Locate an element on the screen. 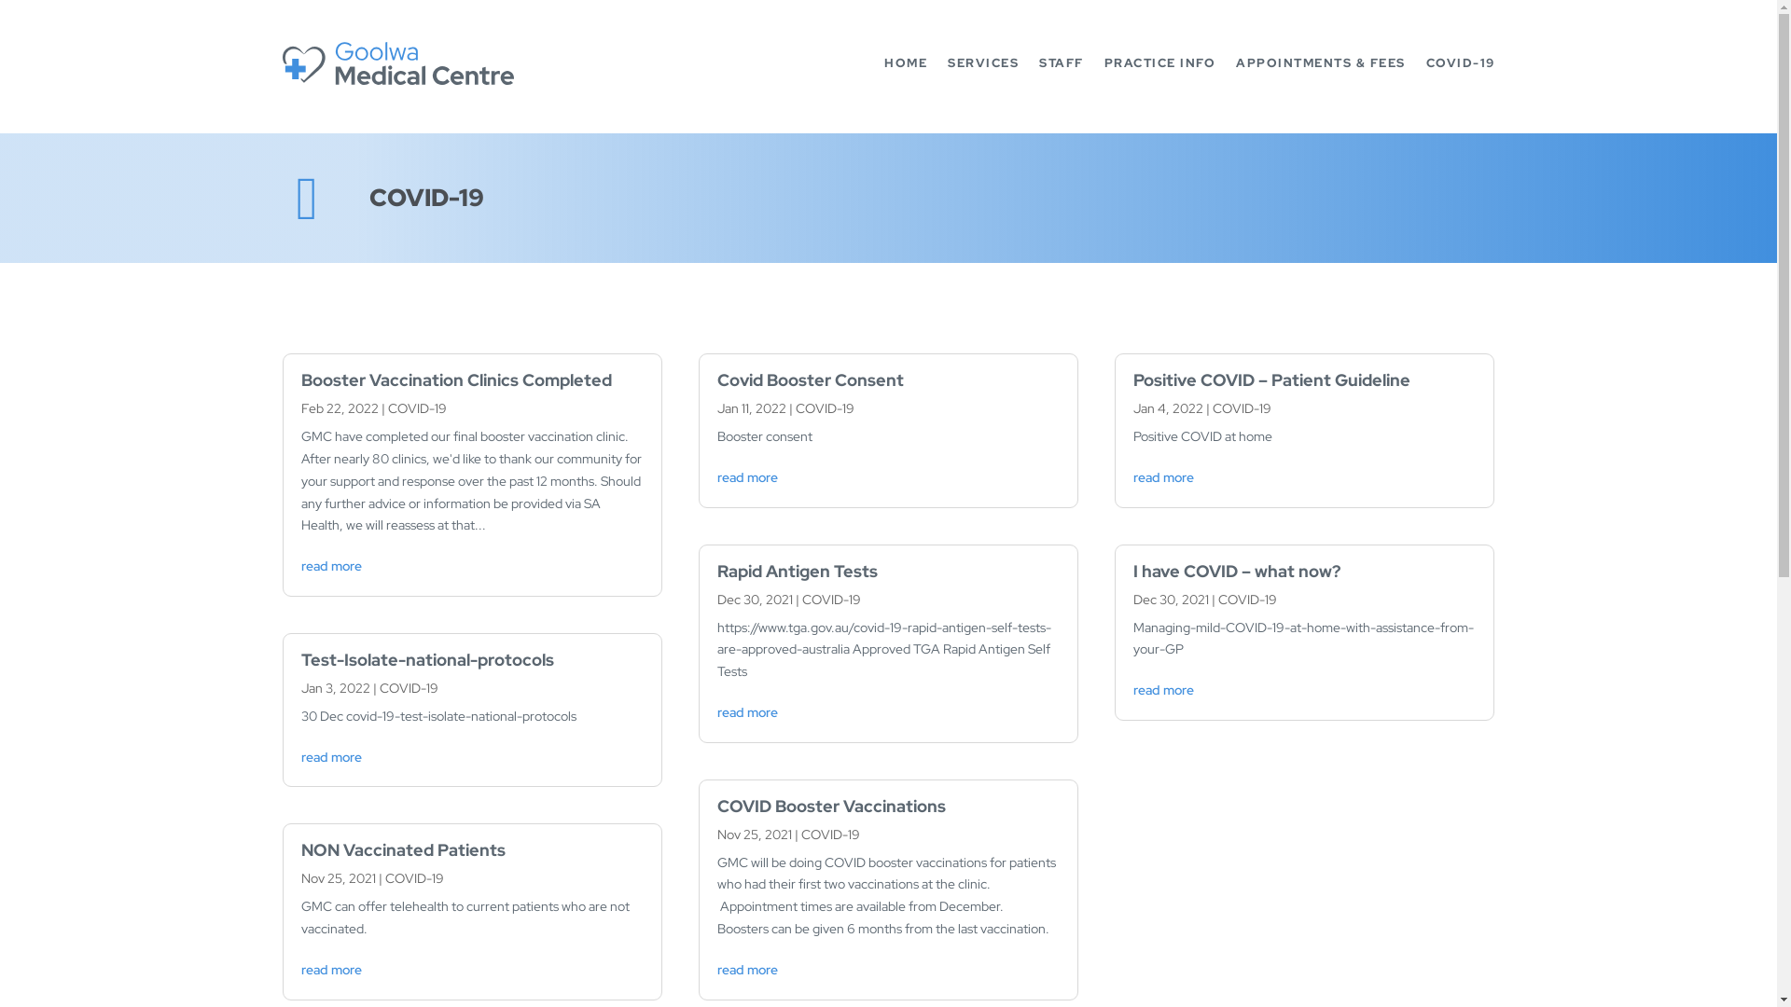 The width and height of the screenshot is (1791, 1007). 'COVID-19' is located at coordinates (801, 833).